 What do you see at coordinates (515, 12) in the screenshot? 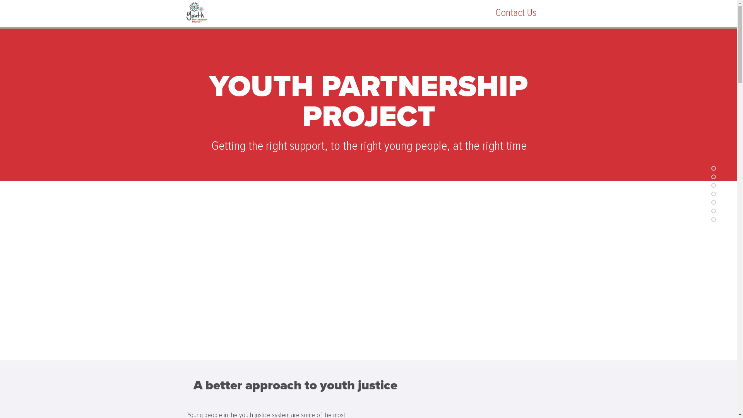
I see `'Contact Us'` at bounding box center [515, 12].